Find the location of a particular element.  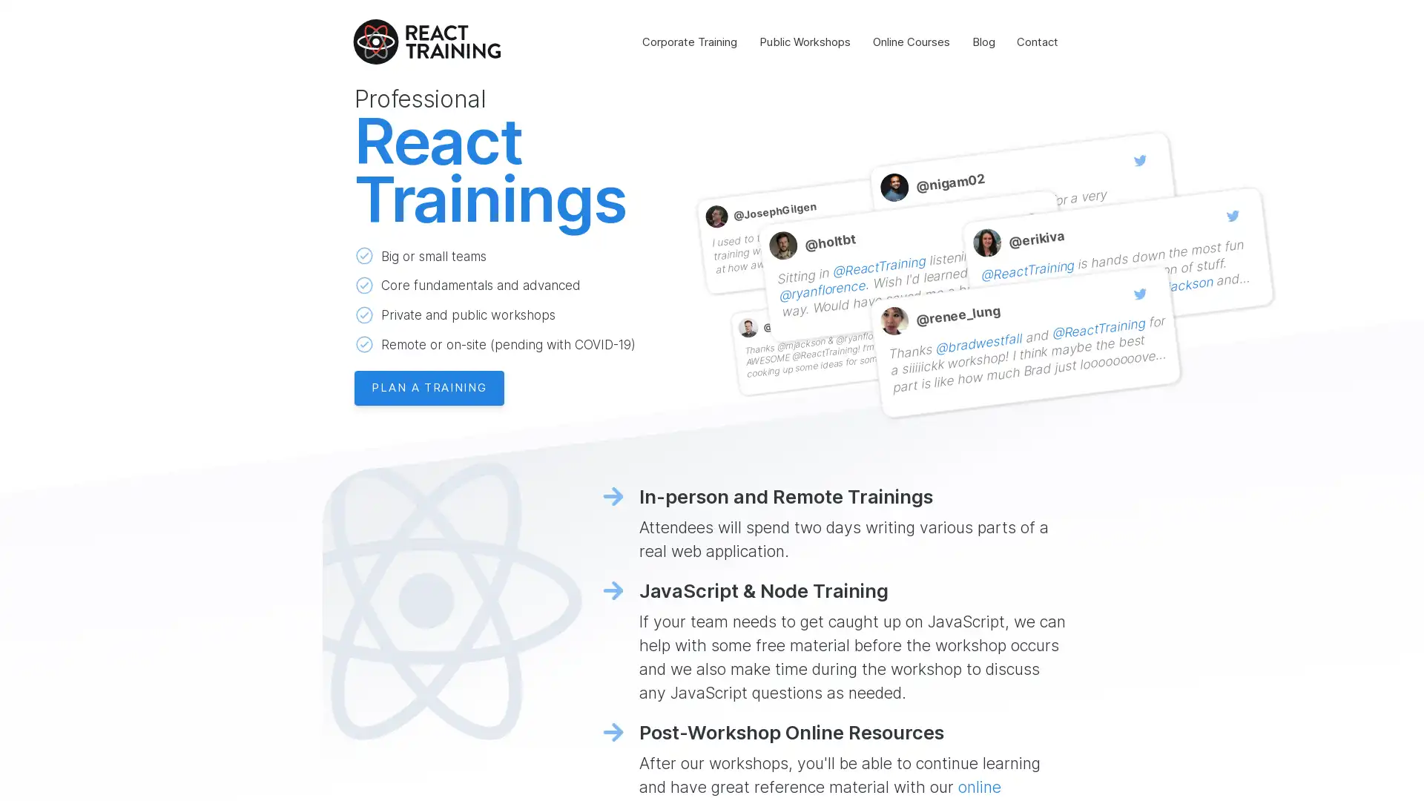

Twitter Avatar for sethdavis512 @sethdavis512 Thanks @mjackson & @ryanflorence for an AWESOME @ReactTraining! I'm already cooking up some ideas for some new components smile face with glasses is located at coordinates (839, 337).